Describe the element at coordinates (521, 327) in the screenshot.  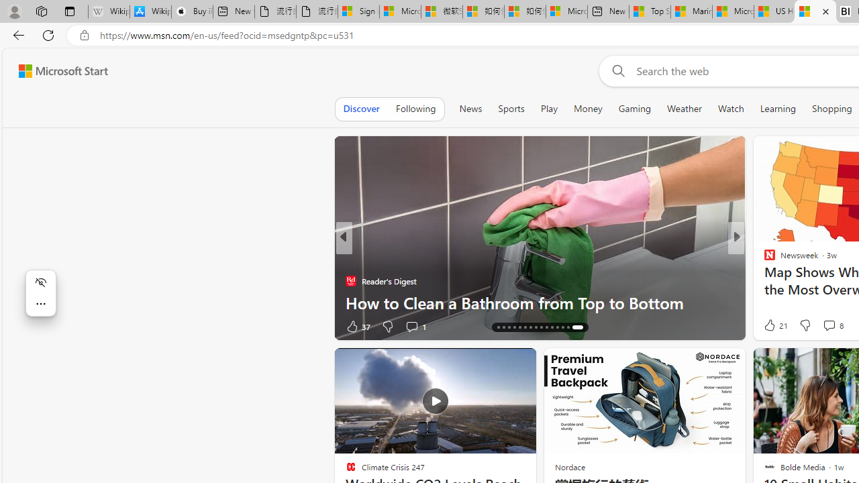
I see `'AutomationID: tab-19'` at that location.